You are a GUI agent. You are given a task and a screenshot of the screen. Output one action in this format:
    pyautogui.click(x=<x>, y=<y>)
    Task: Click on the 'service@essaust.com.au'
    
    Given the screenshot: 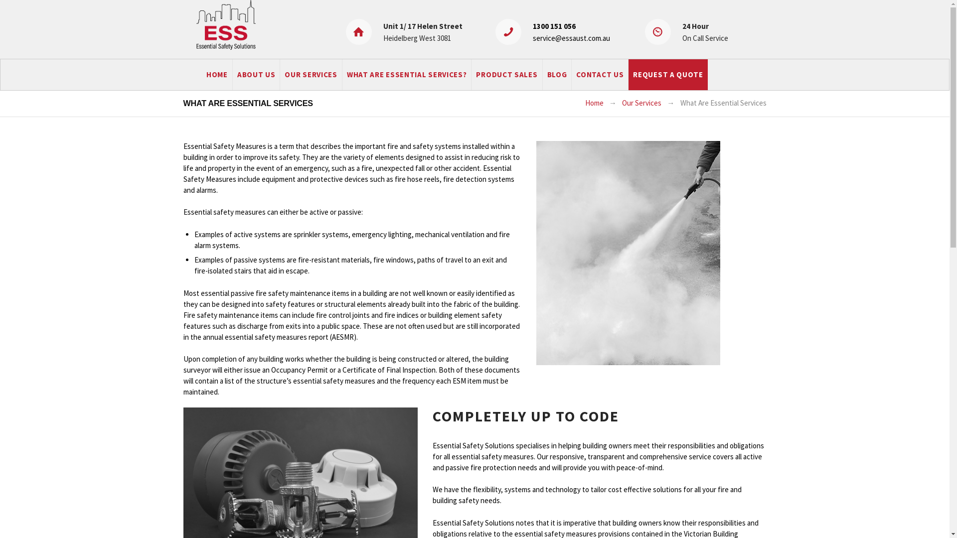 What is the action you would take?
    pyautogui.click(x=532, y=37)
    